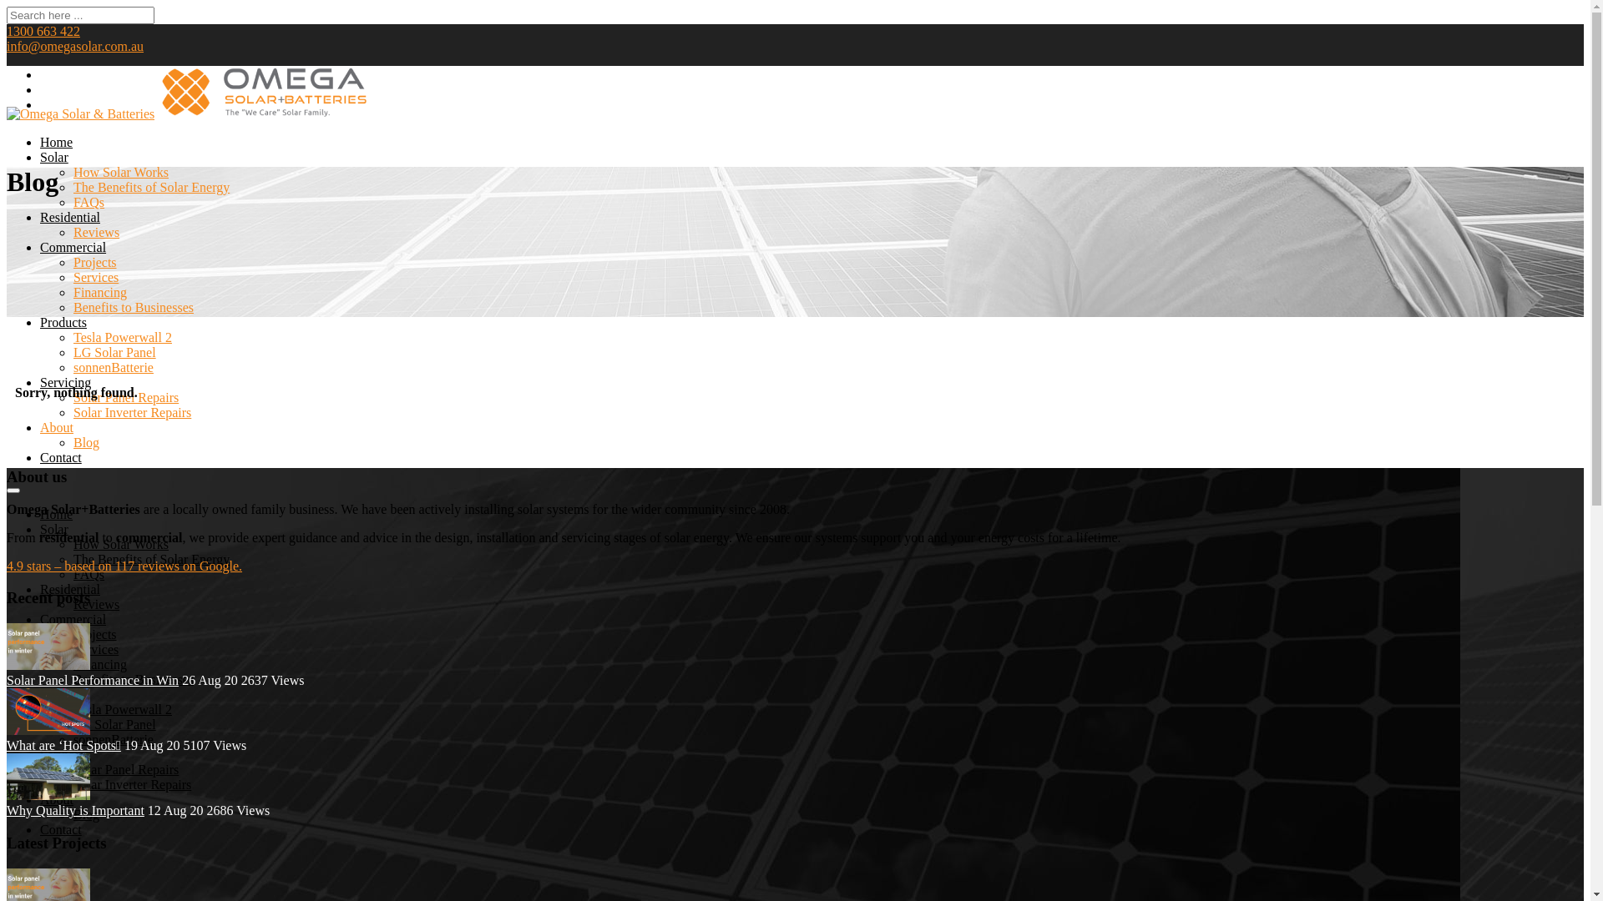 The image size is (1603, 901). Describe the element at coordinates (99, 663) in the screenshot. I see `'Financing'` at that location.